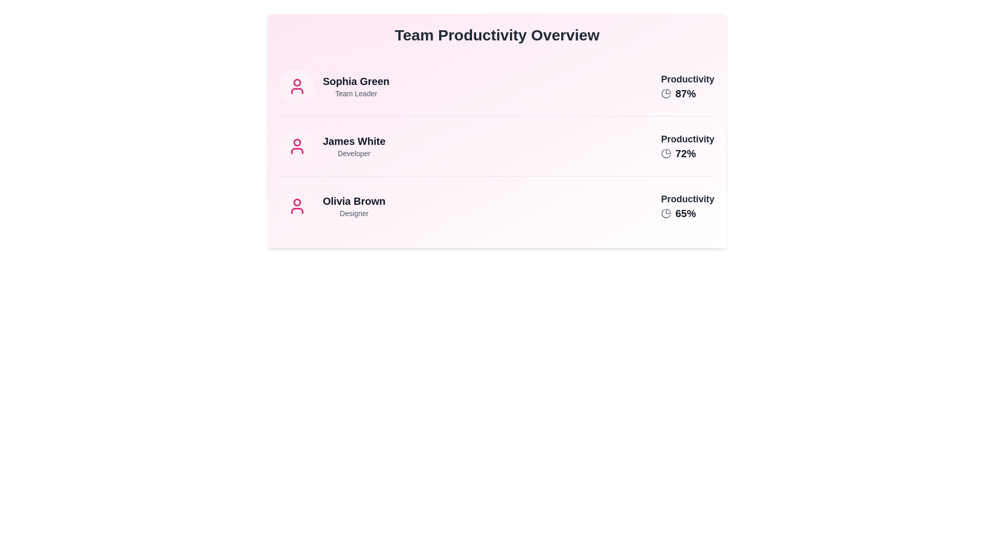 The image size is (984, 553). What do you see at coordinates (354, 201) in the screenshot?
I see `the name label of a person, which is the top line of text in the third entry of a vertically structured list` at bounding box center [354, 201].